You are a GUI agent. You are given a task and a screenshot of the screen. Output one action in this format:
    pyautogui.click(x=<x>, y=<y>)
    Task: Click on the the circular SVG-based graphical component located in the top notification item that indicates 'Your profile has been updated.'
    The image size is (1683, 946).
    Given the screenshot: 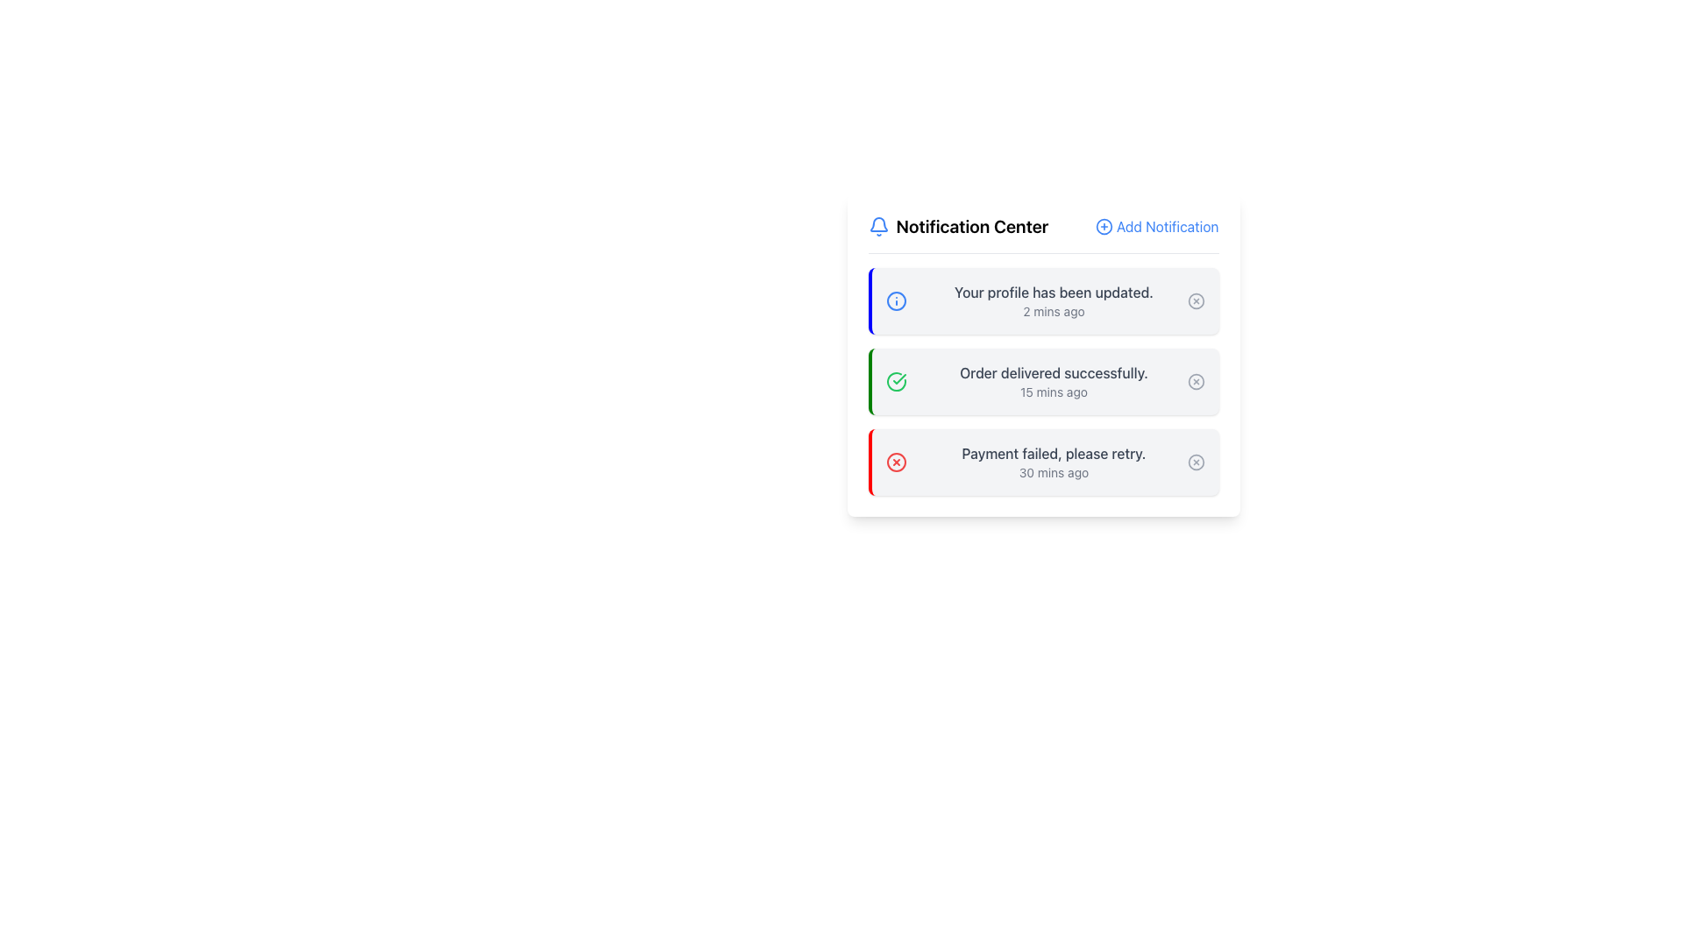 What is the action you would take?
    pyautogui.click(x=1195, y=300)
    